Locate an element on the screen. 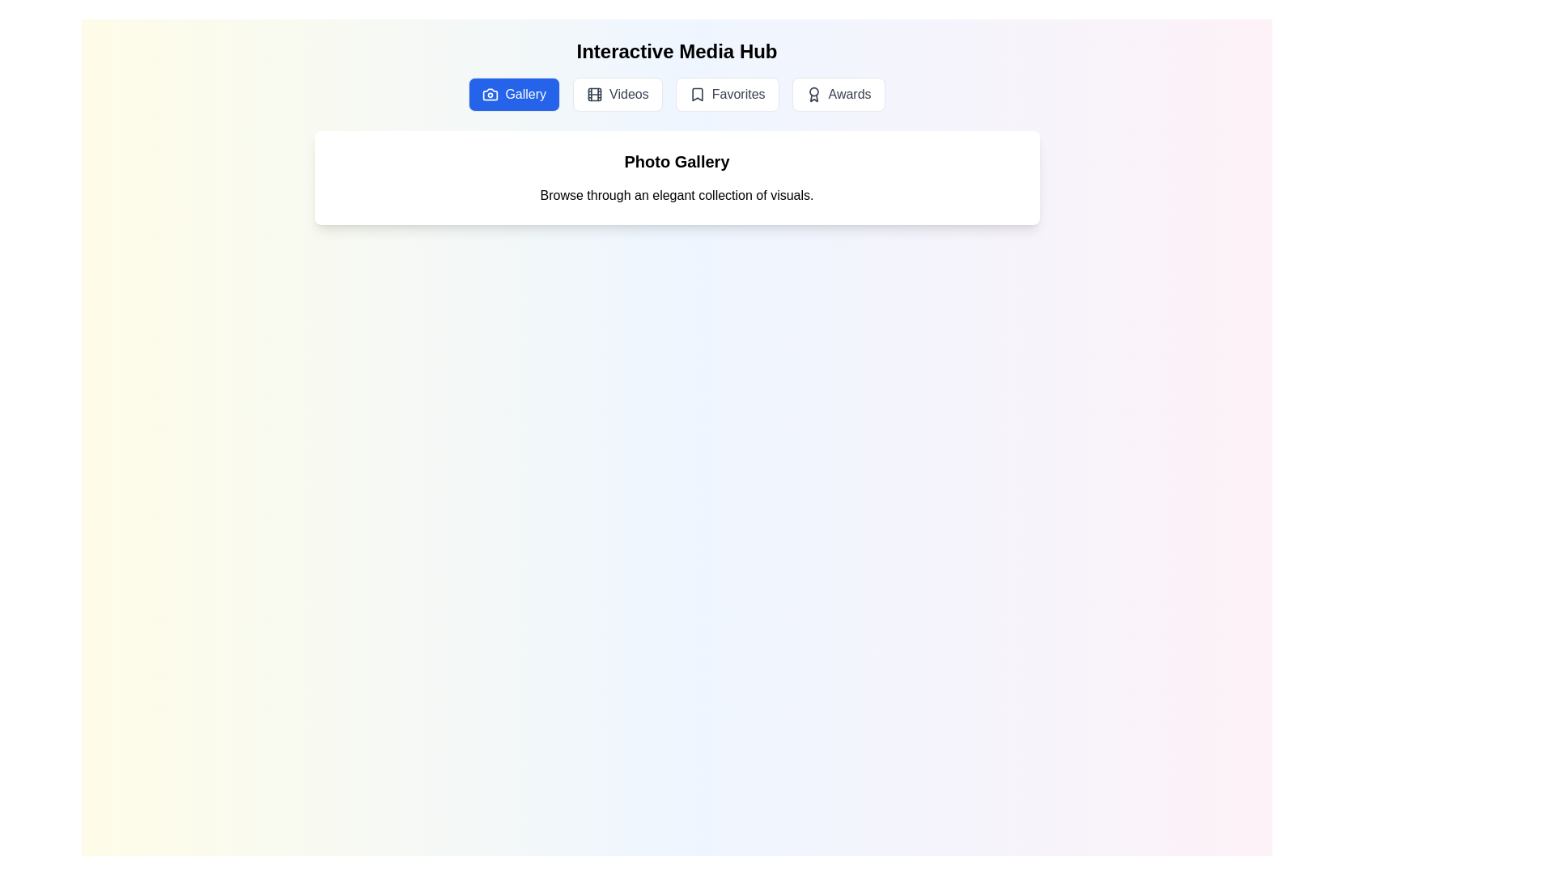 This screenshot has width=1554, height=874. the 'Gallery' text label, which is displayed in white font on a blue rectangular button with rounded corners, located in the upper-left section of the interface is located at coordinates (525, 94).